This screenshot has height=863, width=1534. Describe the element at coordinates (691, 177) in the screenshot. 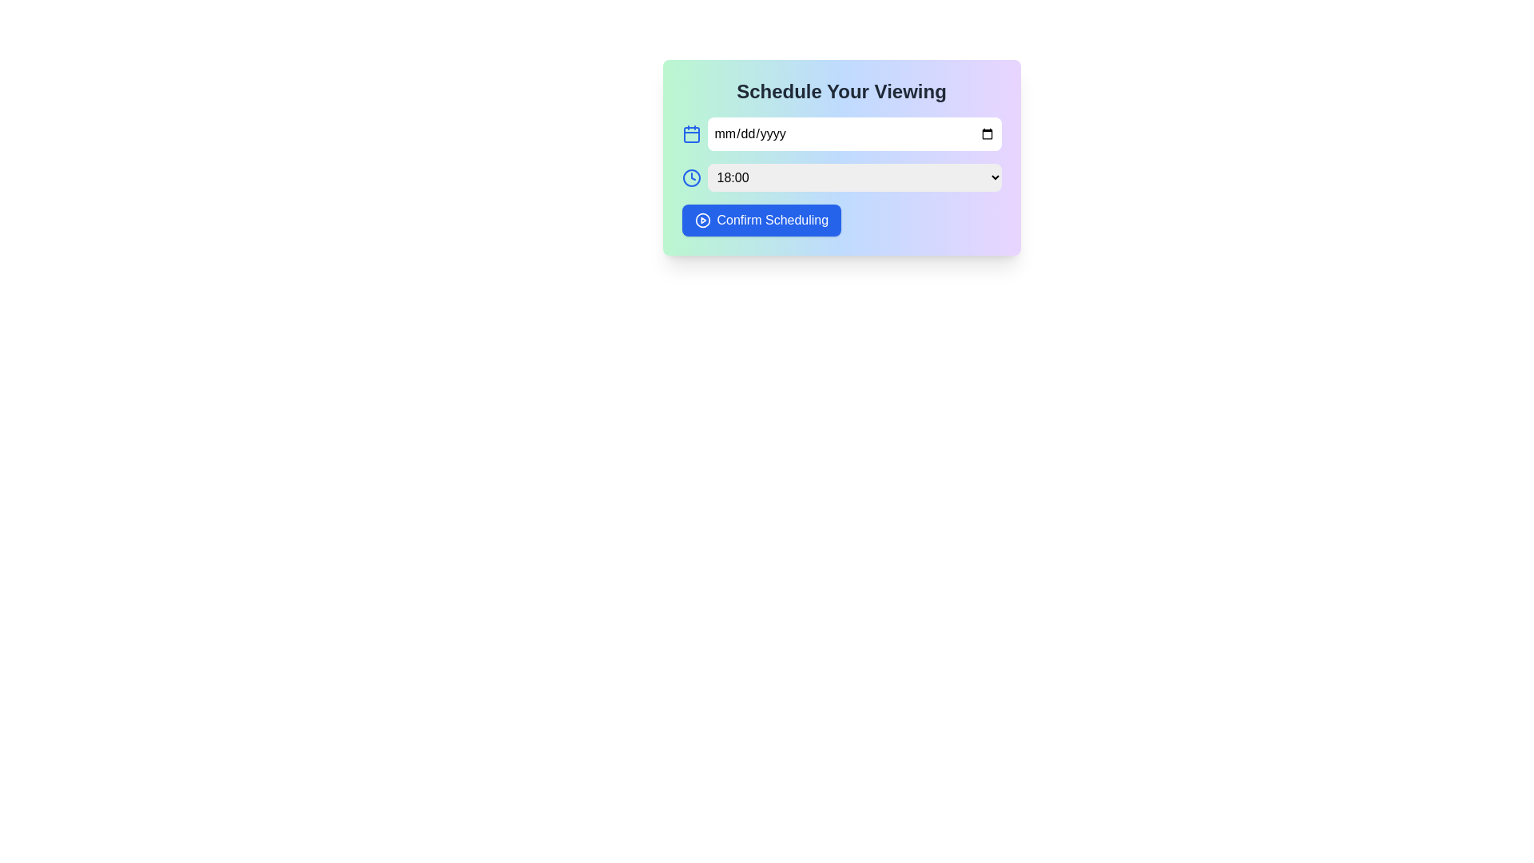

I see `the blue circular outline of the clock icon located in the scheduling interface` at that location.